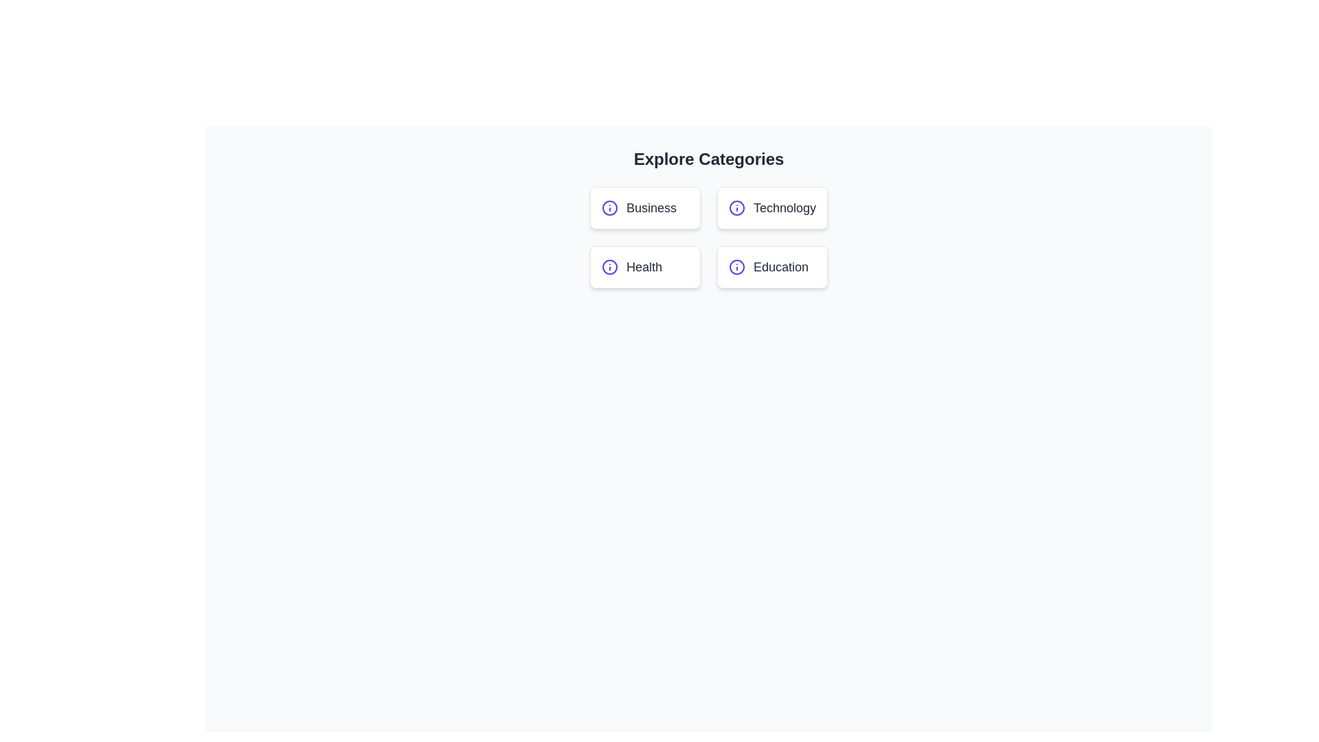  What do you see at coordinates (772, 267) in the screenshot?
I see `the 'Education' button` at bounding box center [772, 267].